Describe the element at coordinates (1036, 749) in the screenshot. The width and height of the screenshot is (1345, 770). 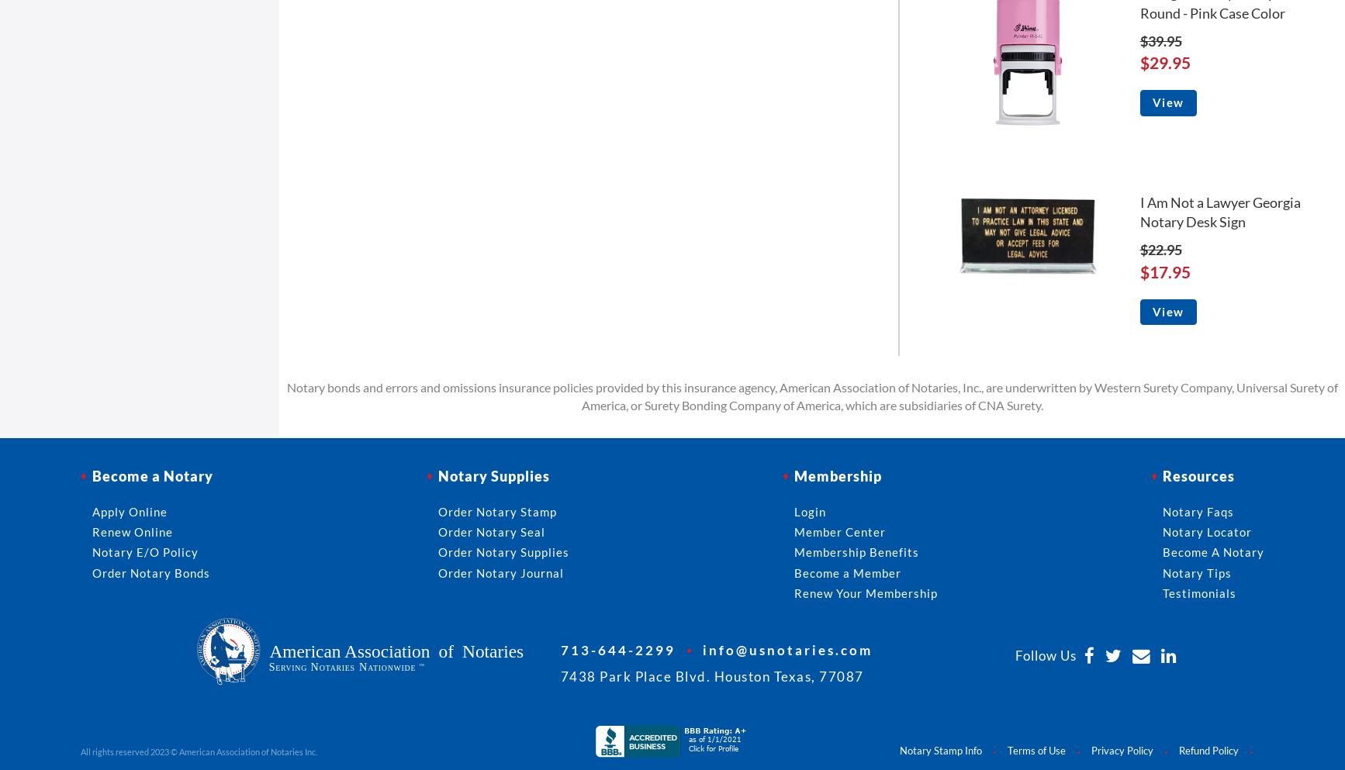
I see `'Terms of Use'` at that location.